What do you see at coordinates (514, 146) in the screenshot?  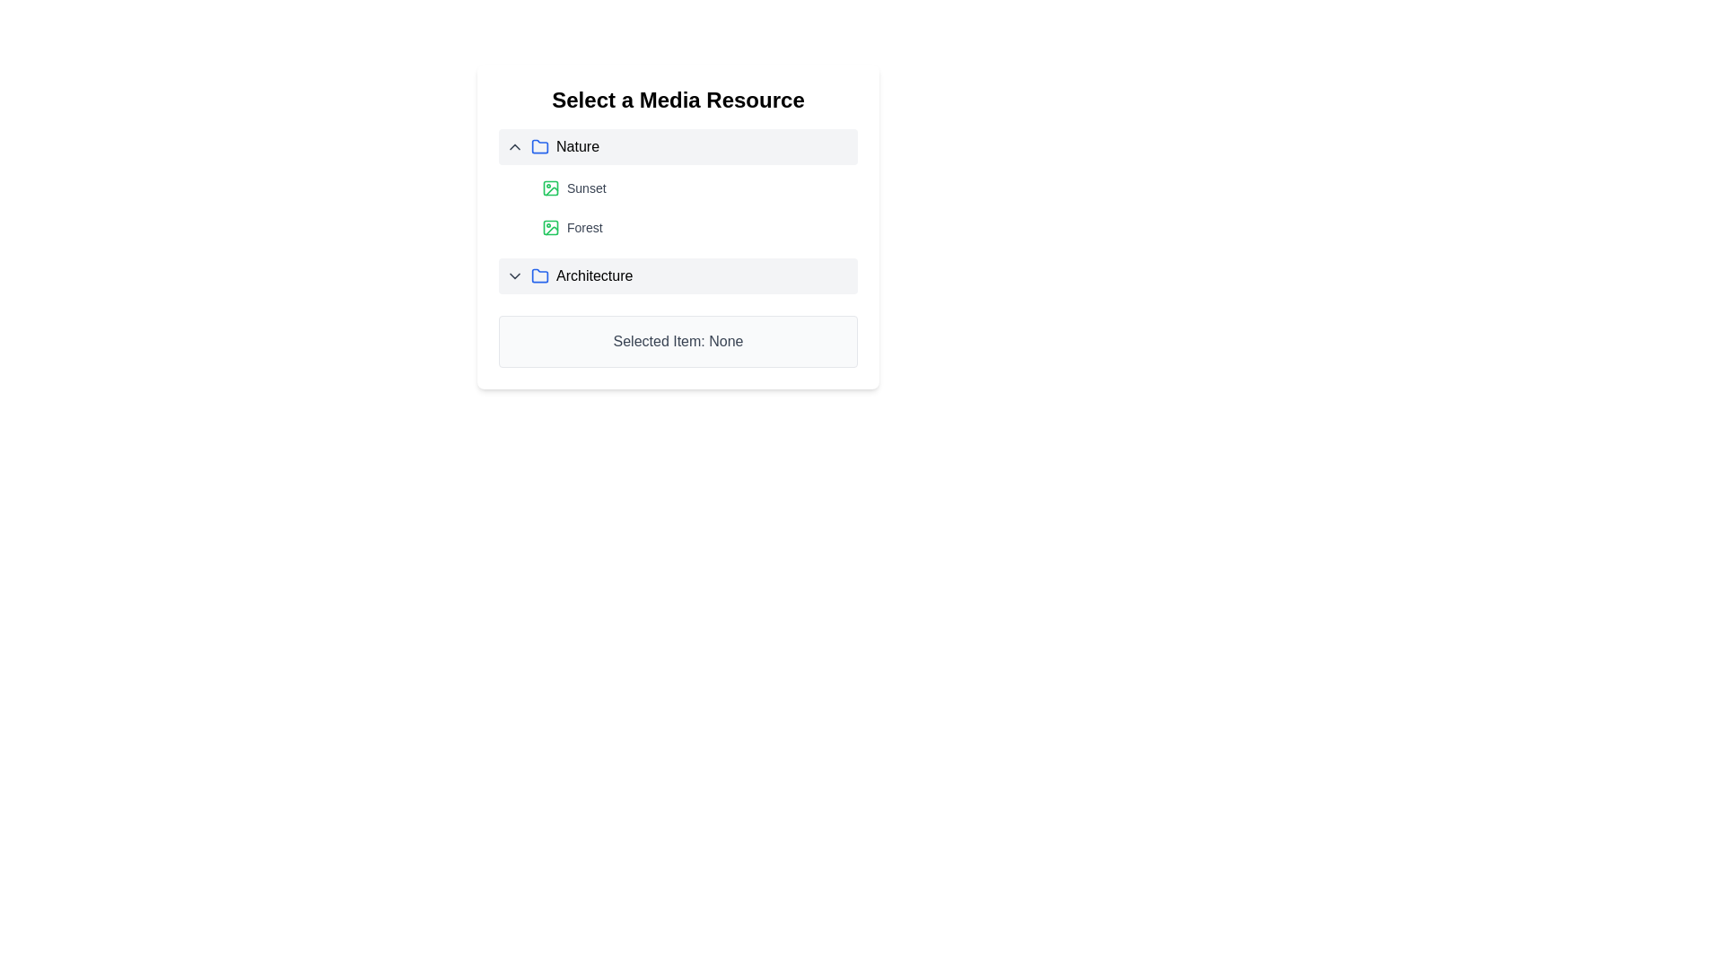 I see `the visibility toggle icon located to the left of the 'Nature' text in the list structure` at bounding box center [514, 146].